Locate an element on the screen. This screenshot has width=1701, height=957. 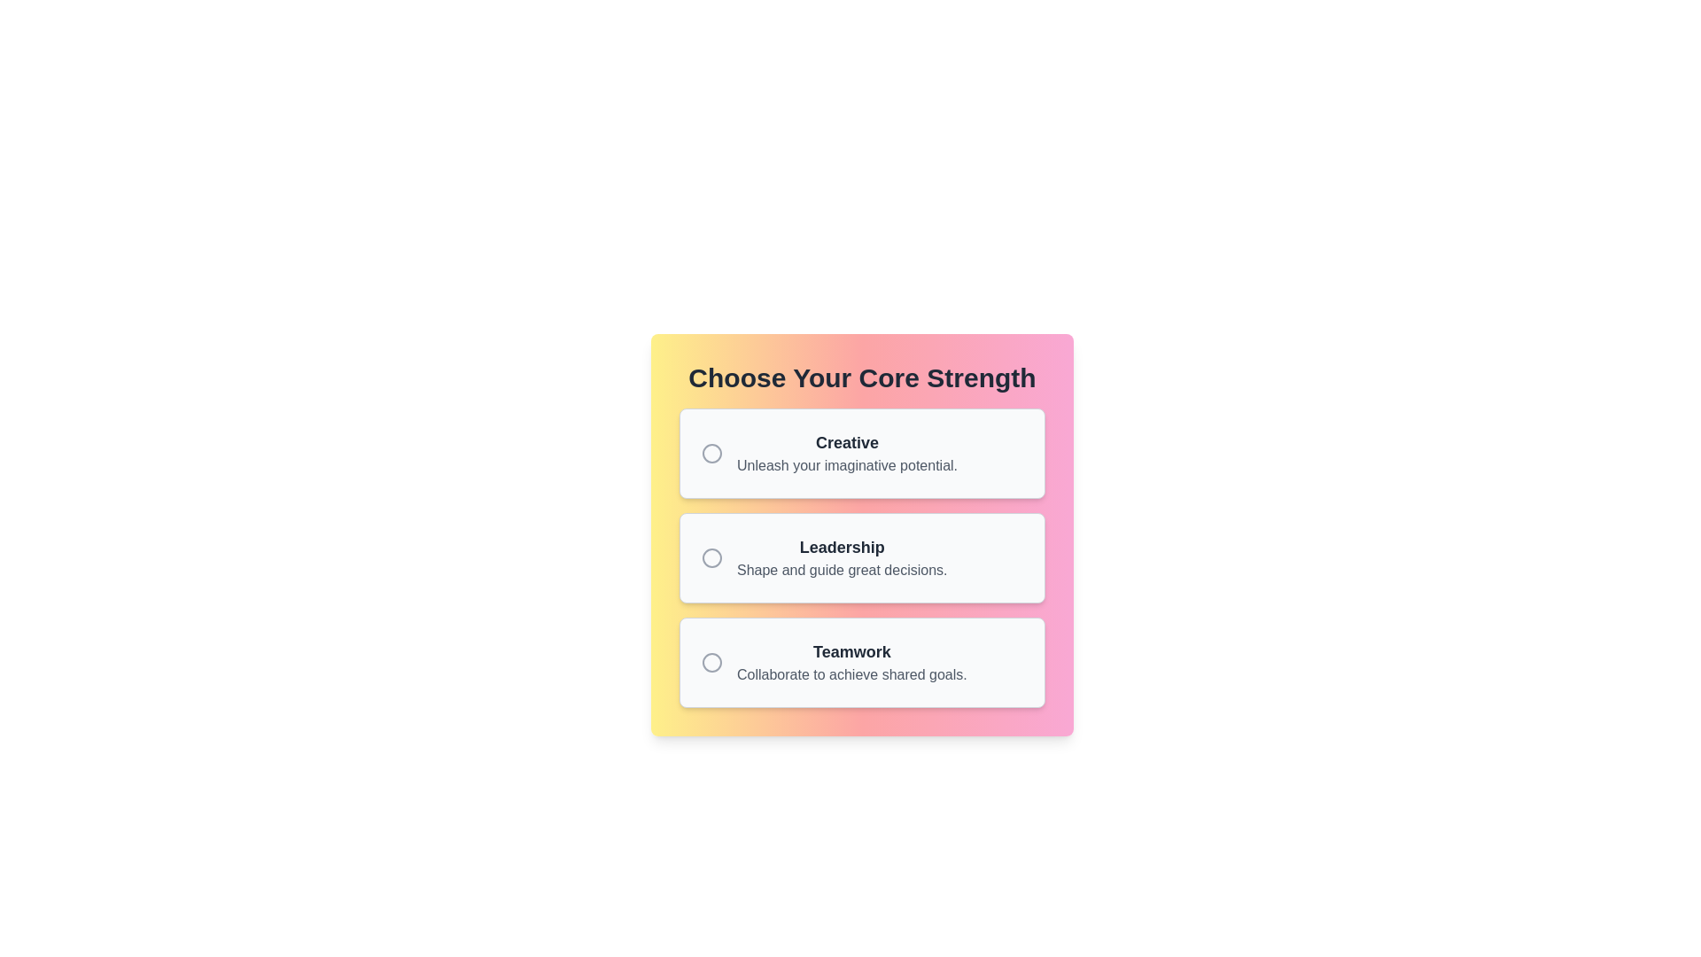
the 'Teamwork' title in the third section of the 'Choose Your Core Strength' block, which is positioned above the description 'Collaborate to achieve shared goals.' is located at coordinates (851, 652).